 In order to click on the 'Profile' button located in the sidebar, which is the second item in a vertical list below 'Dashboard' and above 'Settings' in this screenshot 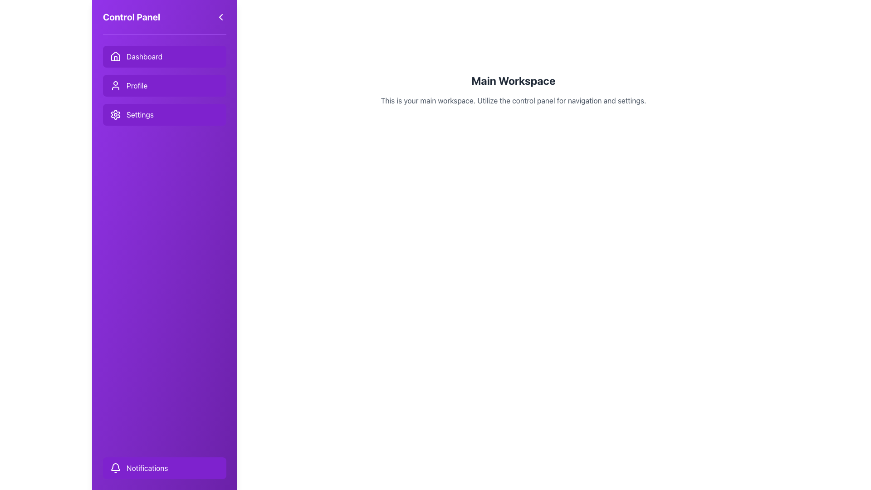, I will do `click(165, 86)`.